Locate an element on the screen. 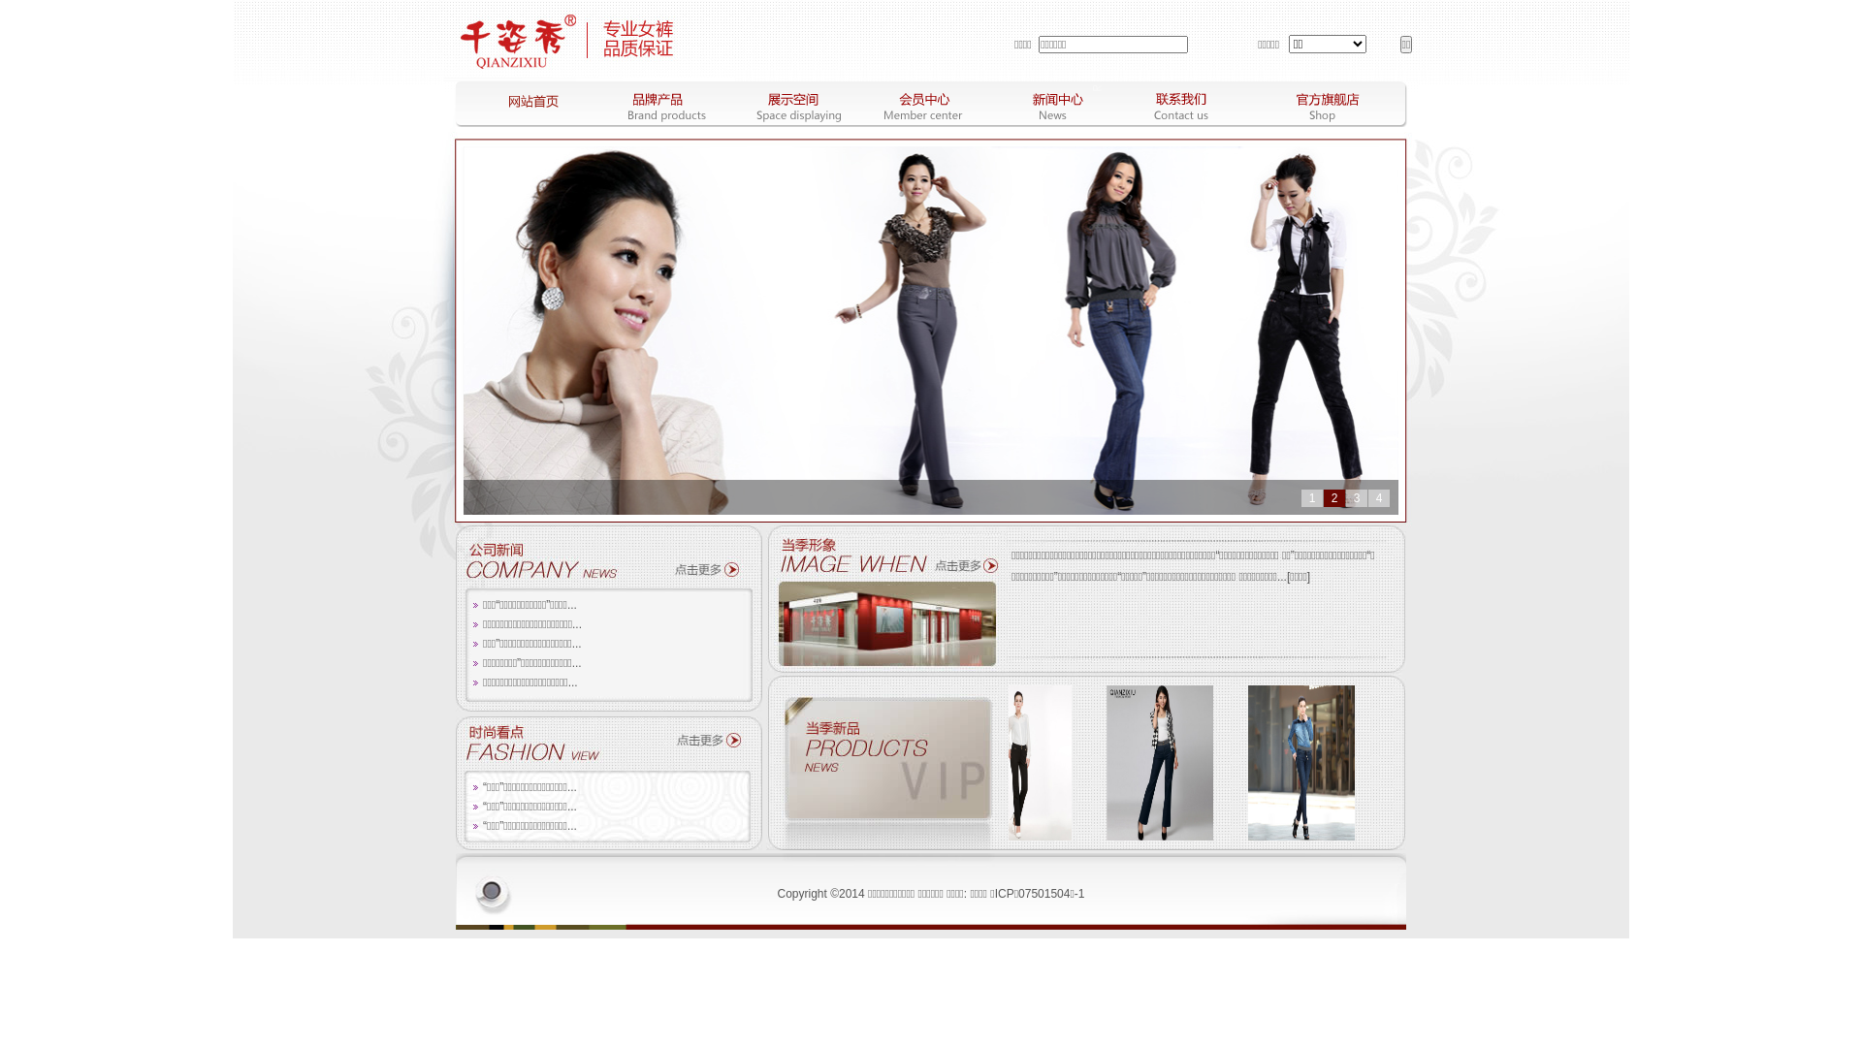 The image size is (1862, 1047). '1' is located at coordinates (1312, 496).